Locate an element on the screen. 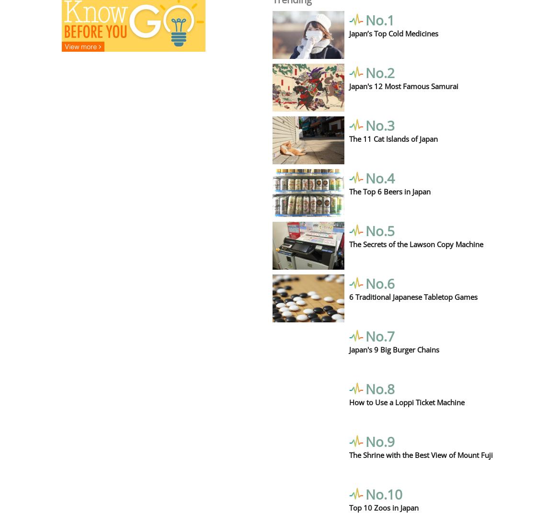 The height and width of the screenshot is (513, 535). 'No.5' is located at coordinates (379, 229).